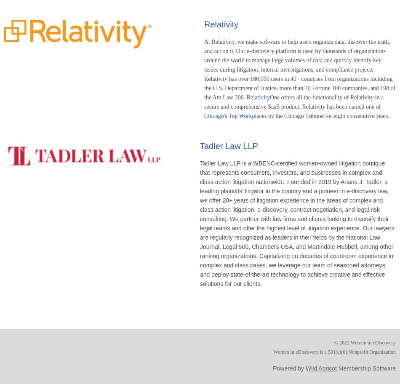 The width and height of the screenshot is (400, 384). Describe the element at coordinates (297, 222) in the screenshot. I see `'Tadler Law LLP is a WBENC-certified women-owned litigation boutique that represents consumers, investors, and businesses in complex and class action litigation nationwide. Founded in 2019 by Ariana J. Tadler, a leading plaintiffs’ litigator in the country and a pioneer in e-discovery law, we offer 20+ years of litigation experience in the areas of complex and class action litigation, e-discovery, contract negotiation, and legal risk consulting. We partner with law firms and clients looking to diversify their legal teams and offer the highest level of litigation experience. Our lawyers are regularly recognized as leaders in their fields by the National Law Journal, Legal 500, Chambers USA, and Martindale-Hubbell, among other ranking organizations. Capitalizing on decades of courtroom experience in complex and class cases, we leverage our team of seasoned attorneys and deploy state-of-the-art technology to achieve creative and effective solutions for our clients.'` at that location.